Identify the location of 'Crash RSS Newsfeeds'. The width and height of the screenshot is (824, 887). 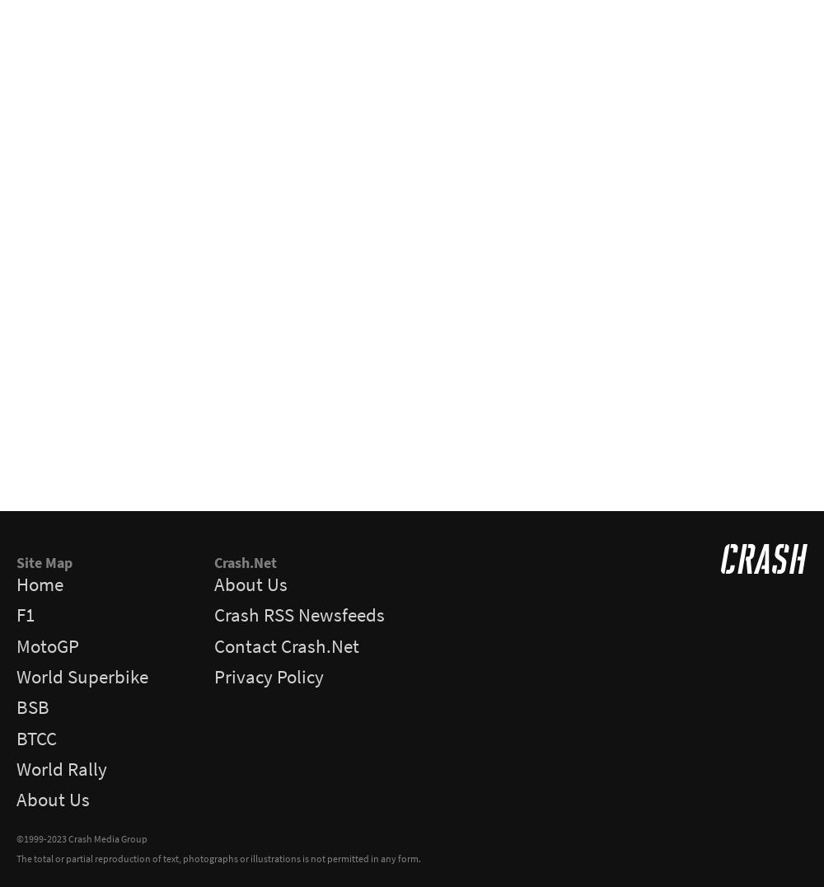
(298, 613).